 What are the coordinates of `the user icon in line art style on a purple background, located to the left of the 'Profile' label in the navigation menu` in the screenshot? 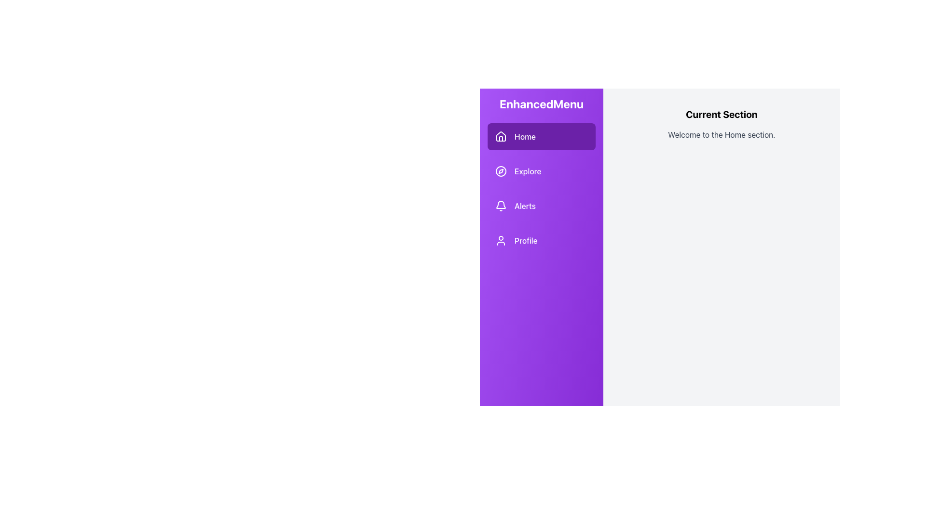 It's located at (501, 240).